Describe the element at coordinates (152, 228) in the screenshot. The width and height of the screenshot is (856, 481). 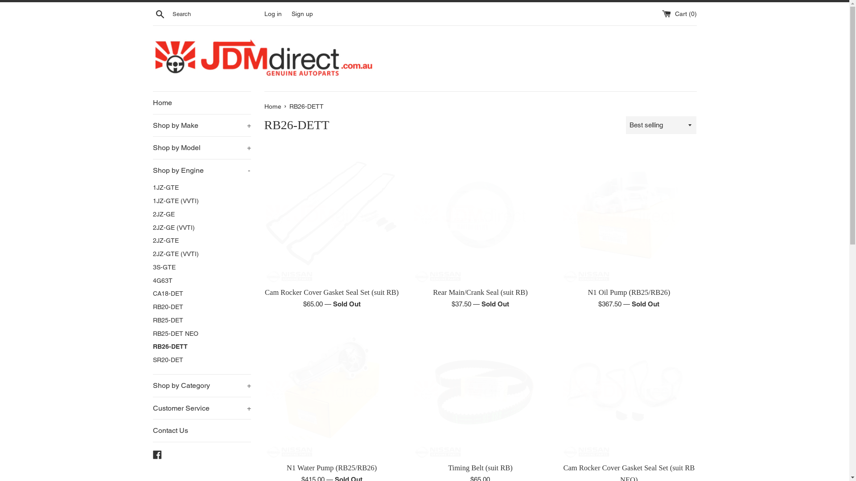
I see `'2JZ-GE (VVTI)'` at that location.